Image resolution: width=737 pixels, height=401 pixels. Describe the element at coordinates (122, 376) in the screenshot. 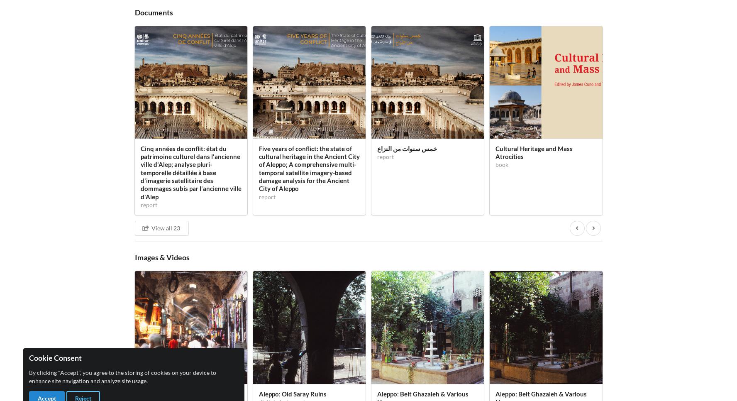

I see `'By clicking "Accept", you agree to the storing of cookies on your device to enhance site navigation and analyze site usage.'` at that location.